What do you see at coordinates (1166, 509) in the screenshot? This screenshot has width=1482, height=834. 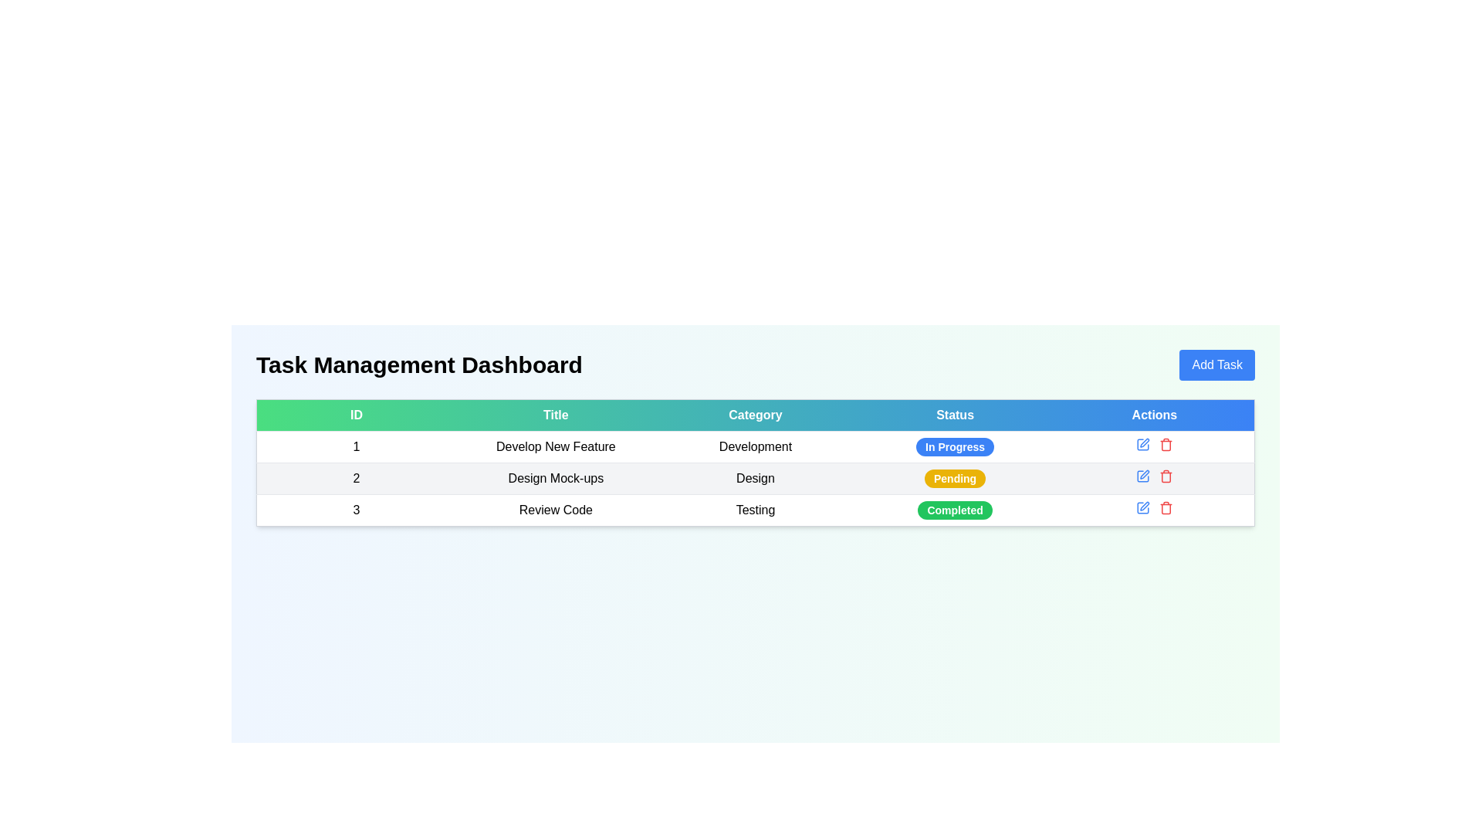 I see `the main rectangular area of the trash can icon in the Actions column of the third row of the task management table to potentially view a tooltip` at bounding box center [1166, 509].